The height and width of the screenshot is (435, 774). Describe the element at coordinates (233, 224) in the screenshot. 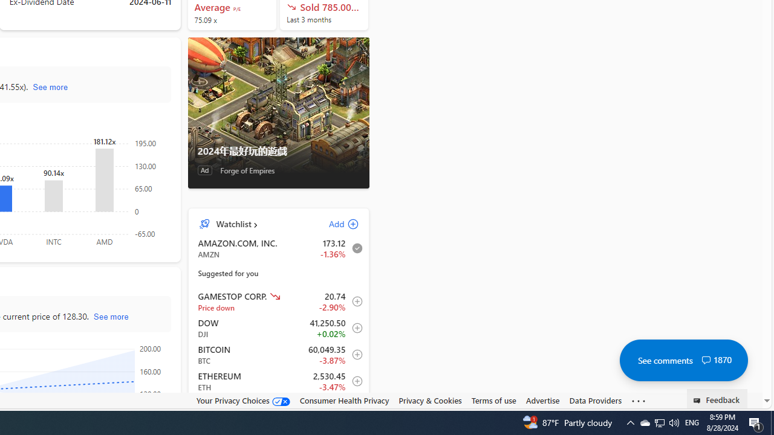

I see `'Watchlist'` at that location.